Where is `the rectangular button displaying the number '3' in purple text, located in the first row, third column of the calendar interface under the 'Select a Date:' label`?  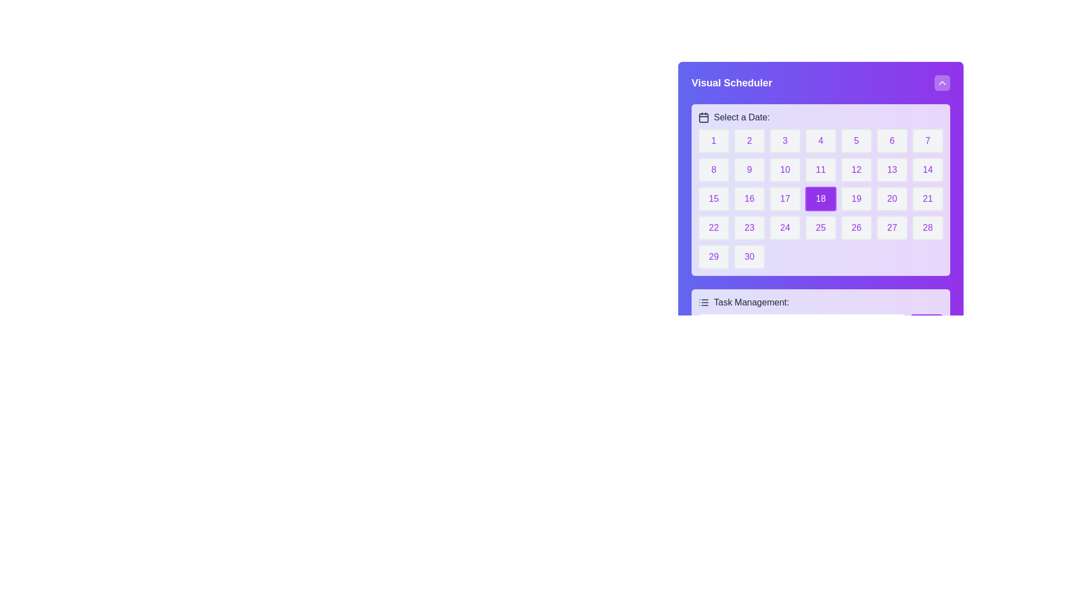
the rectangular button displaying the number '3' in purple text, located in the first row, third column of the calendar interface under the 'Select a Date:' label is located at coordinates (785, 140).